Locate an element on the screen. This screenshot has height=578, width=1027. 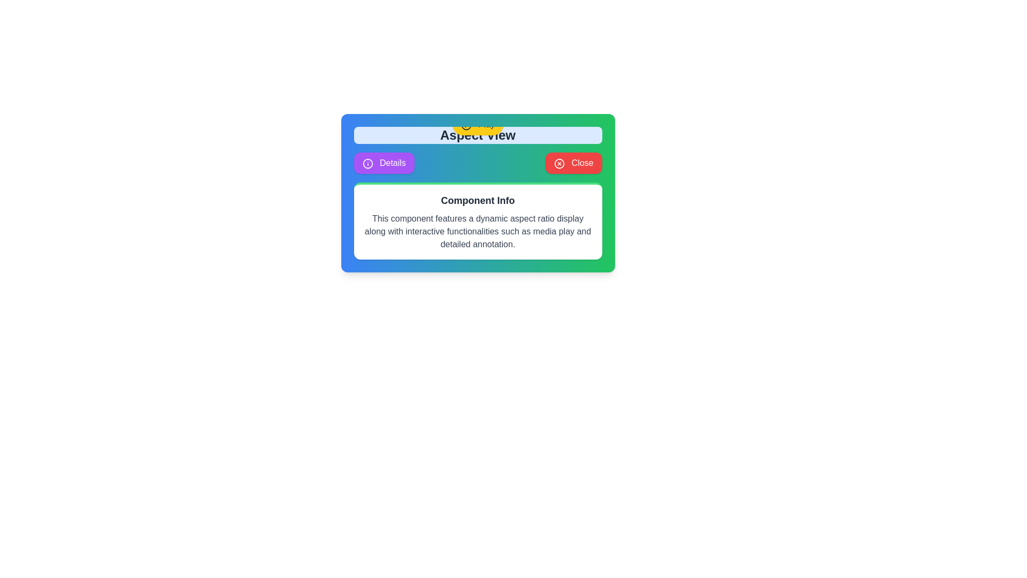
the circular SVG component that visually represents the information icon, located next to the 'Details' button is located at coordinates (367, 163).